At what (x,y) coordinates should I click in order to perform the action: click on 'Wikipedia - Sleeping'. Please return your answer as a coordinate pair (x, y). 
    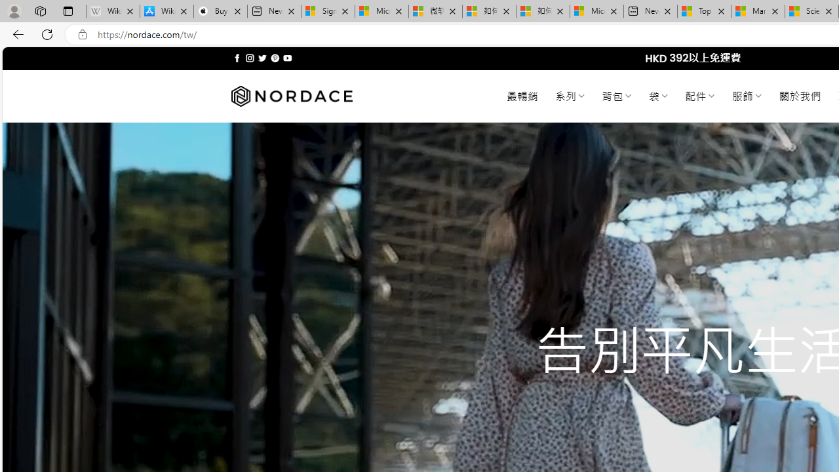
    Looking at the image, I should click on (113, 11).